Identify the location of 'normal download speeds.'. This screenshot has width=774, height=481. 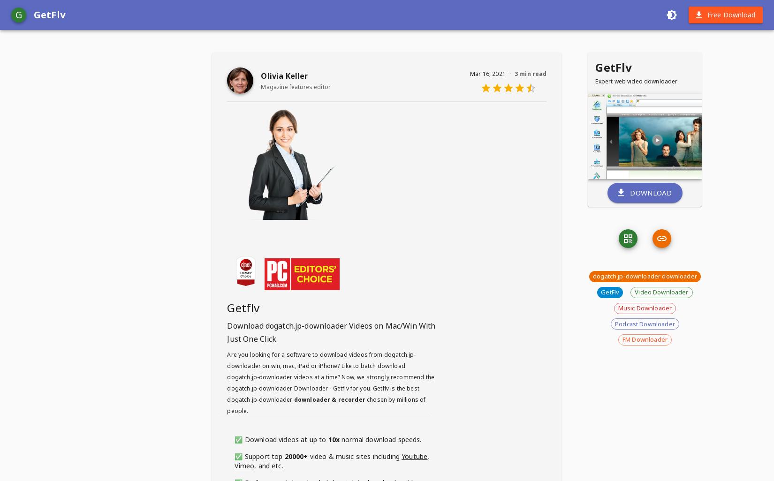
(379, 439).